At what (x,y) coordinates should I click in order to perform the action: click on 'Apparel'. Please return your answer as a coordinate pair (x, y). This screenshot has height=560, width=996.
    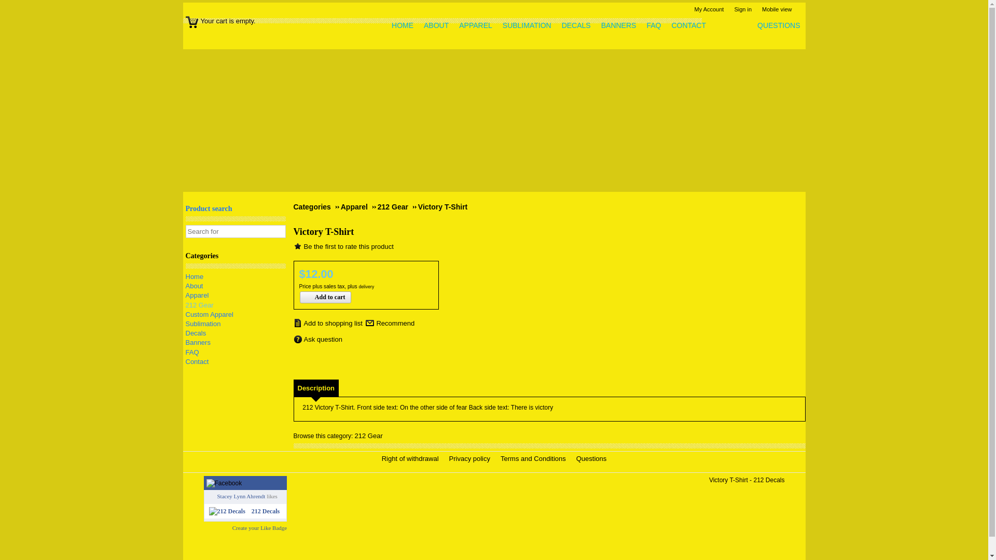
    Looking at the image, I should click on (197, 295).